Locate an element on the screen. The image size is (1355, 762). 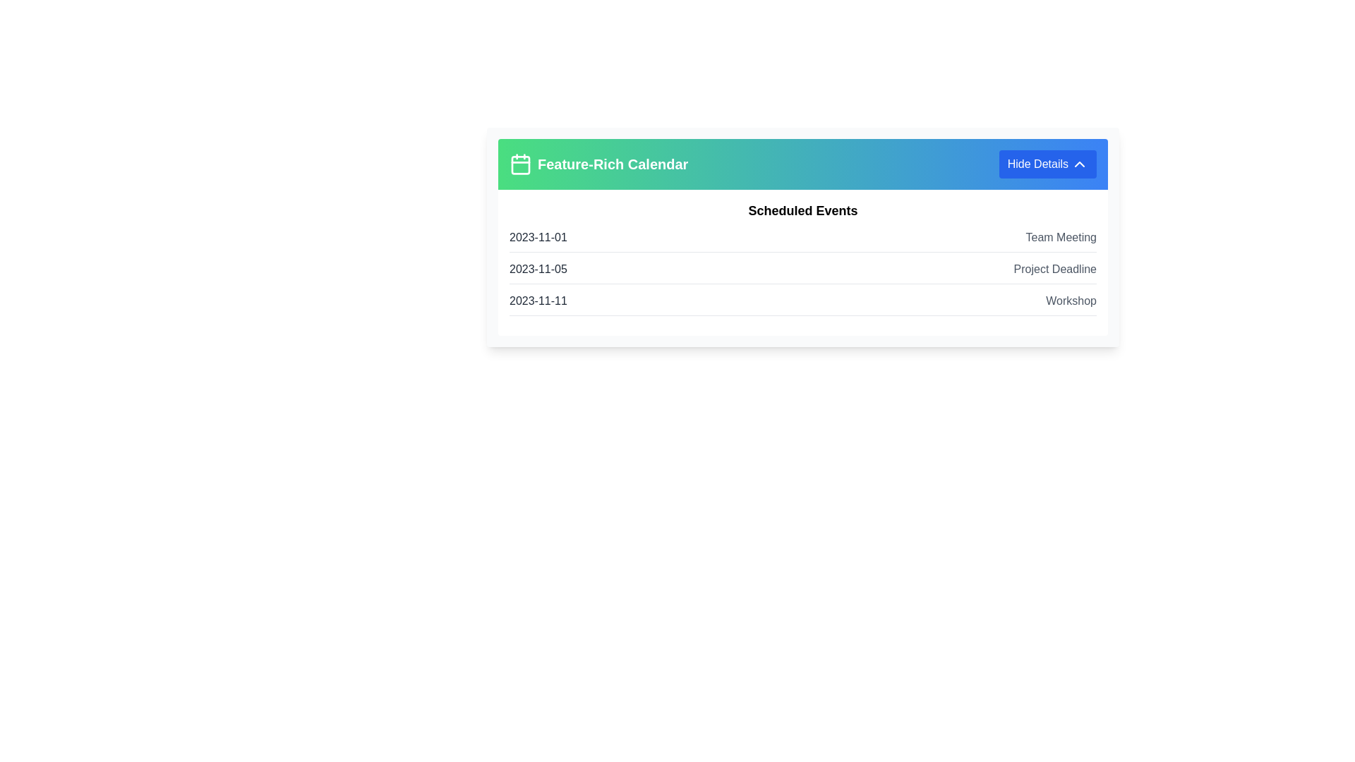
the date label indicating the 'Project Deadline' in the list of scheduled events, which is the second date under the 'Scheduled Events' heading is located at coordinates (538, 269).